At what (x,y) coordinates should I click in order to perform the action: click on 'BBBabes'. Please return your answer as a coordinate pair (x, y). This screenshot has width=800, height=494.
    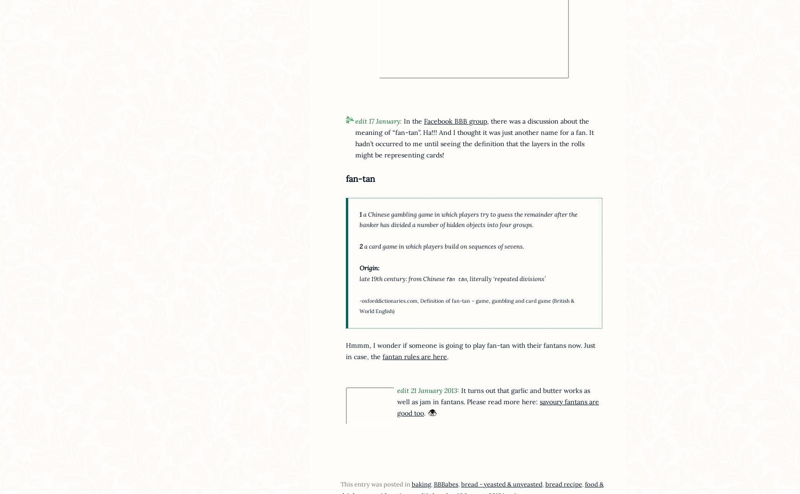
    Looking at the image, I should click on (446, 484).